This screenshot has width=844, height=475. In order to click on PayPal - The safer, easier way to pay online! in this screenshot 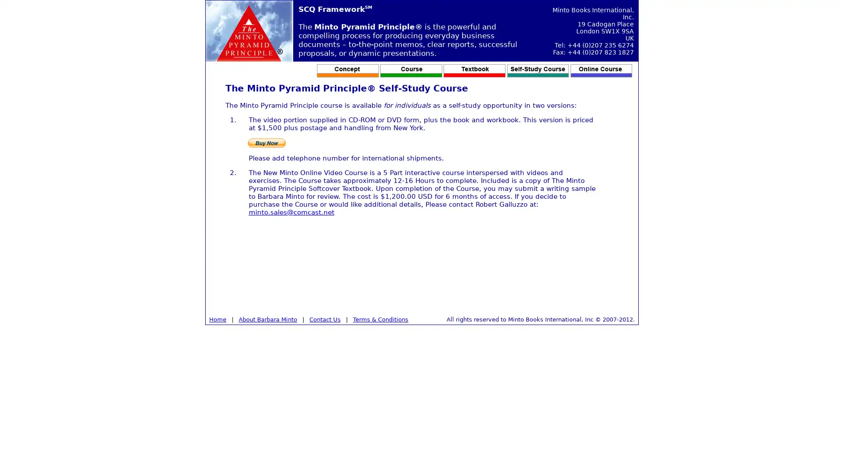, I will do `click(266, 142)`.